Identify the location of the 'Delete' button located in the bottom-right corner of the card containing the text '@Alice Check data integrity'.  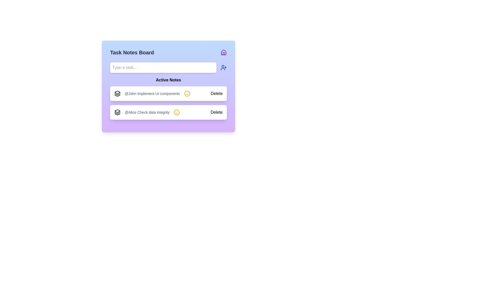
(216, 112).